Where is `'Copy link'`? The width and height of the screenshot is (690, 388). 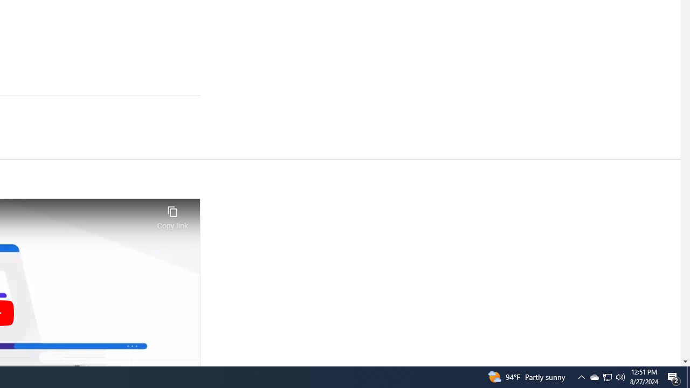 'Copy link' is located at coordinates (172, 214).